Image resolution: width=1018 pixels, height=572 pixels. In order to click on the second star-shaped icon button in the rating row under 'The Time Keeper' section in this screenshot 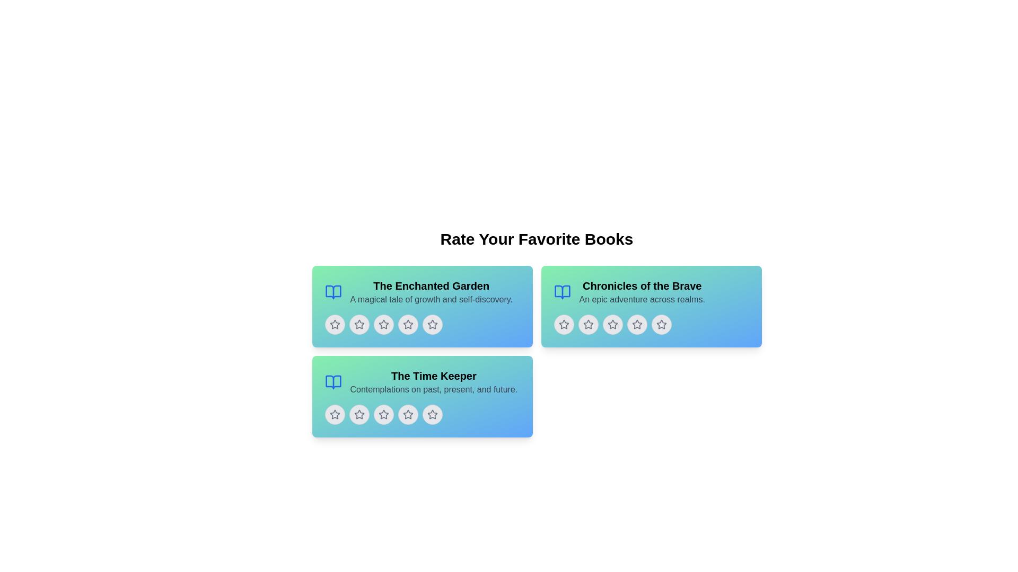, I will do `click(383, 414)`.